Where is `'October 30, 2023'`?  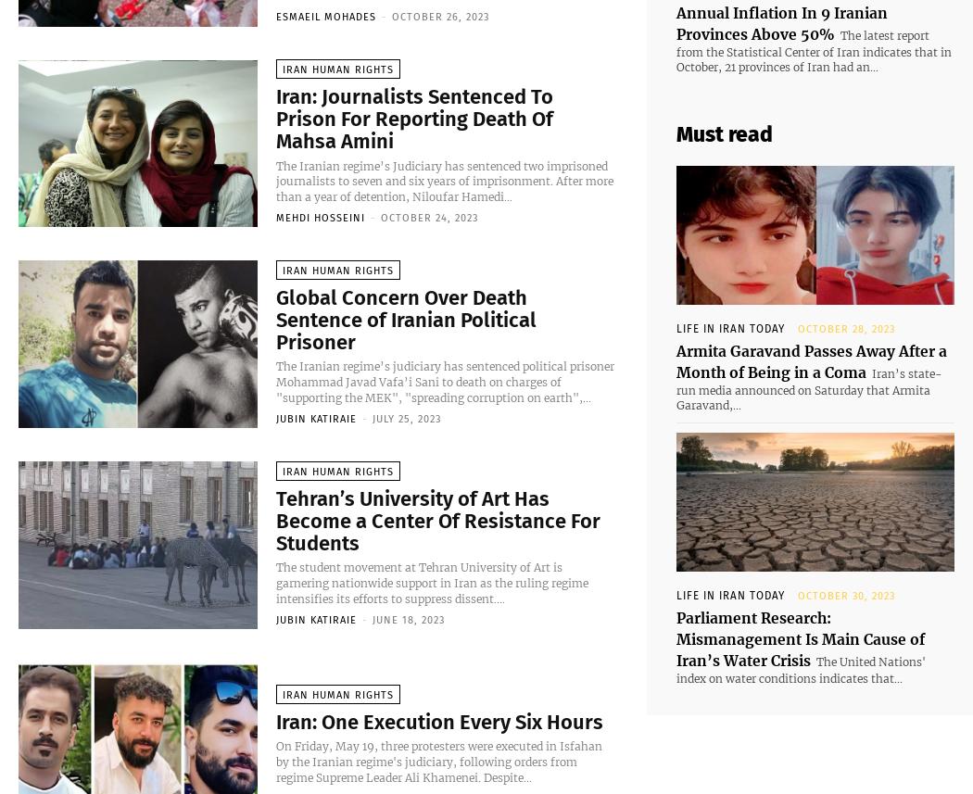 'October 30, 2023' is located at coordinates (842, 567).